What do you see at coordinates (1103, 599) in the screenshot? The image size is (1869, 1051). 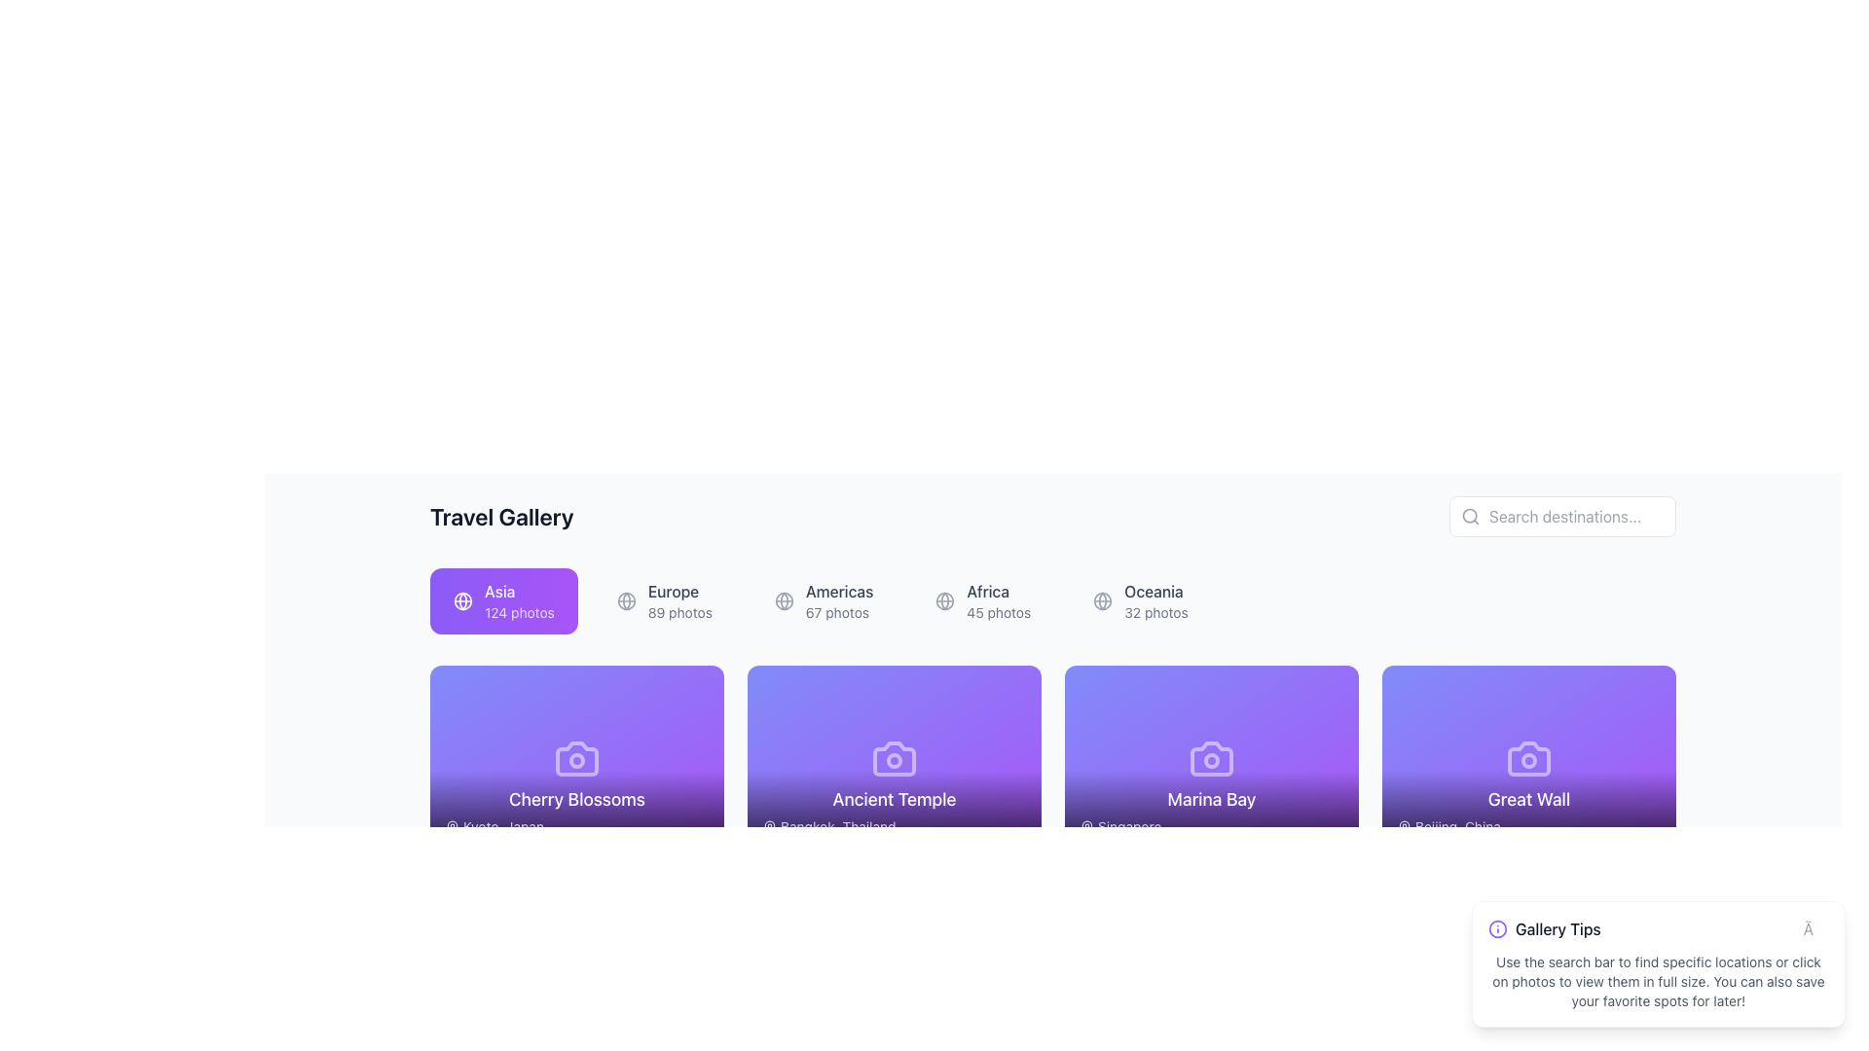 I see `the decorative icon representing the geographical aspect of the 'Oceania' category, located to the left of the text 'Oceania'` at bounding box center [1103, 599].